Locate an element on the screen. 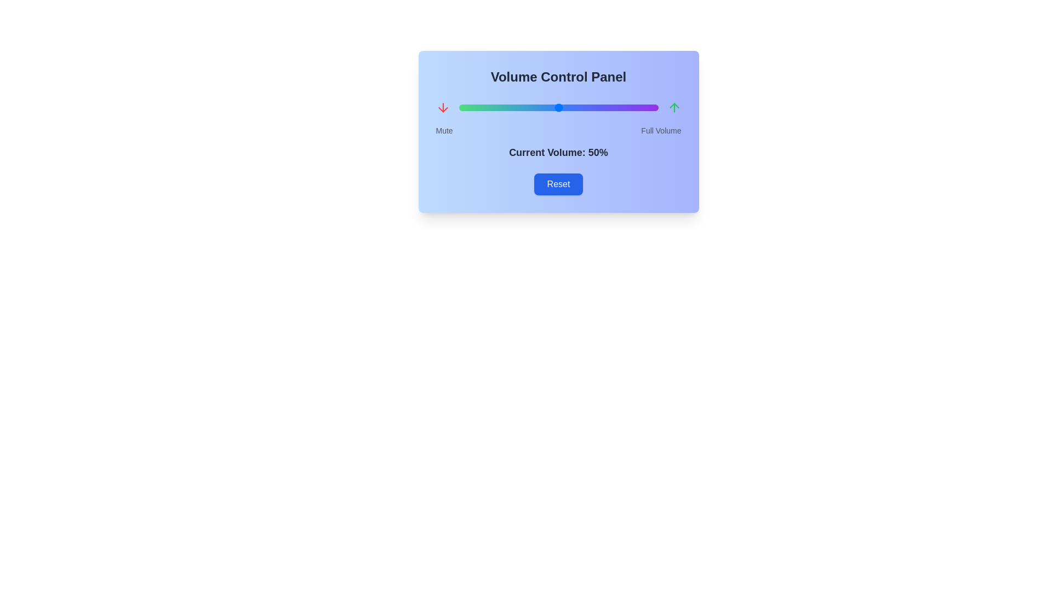 Image resolution: width=1052 pixels, height=591 pixels. the volume slider to set the volume to 58% is located at coordinates (574, 107).